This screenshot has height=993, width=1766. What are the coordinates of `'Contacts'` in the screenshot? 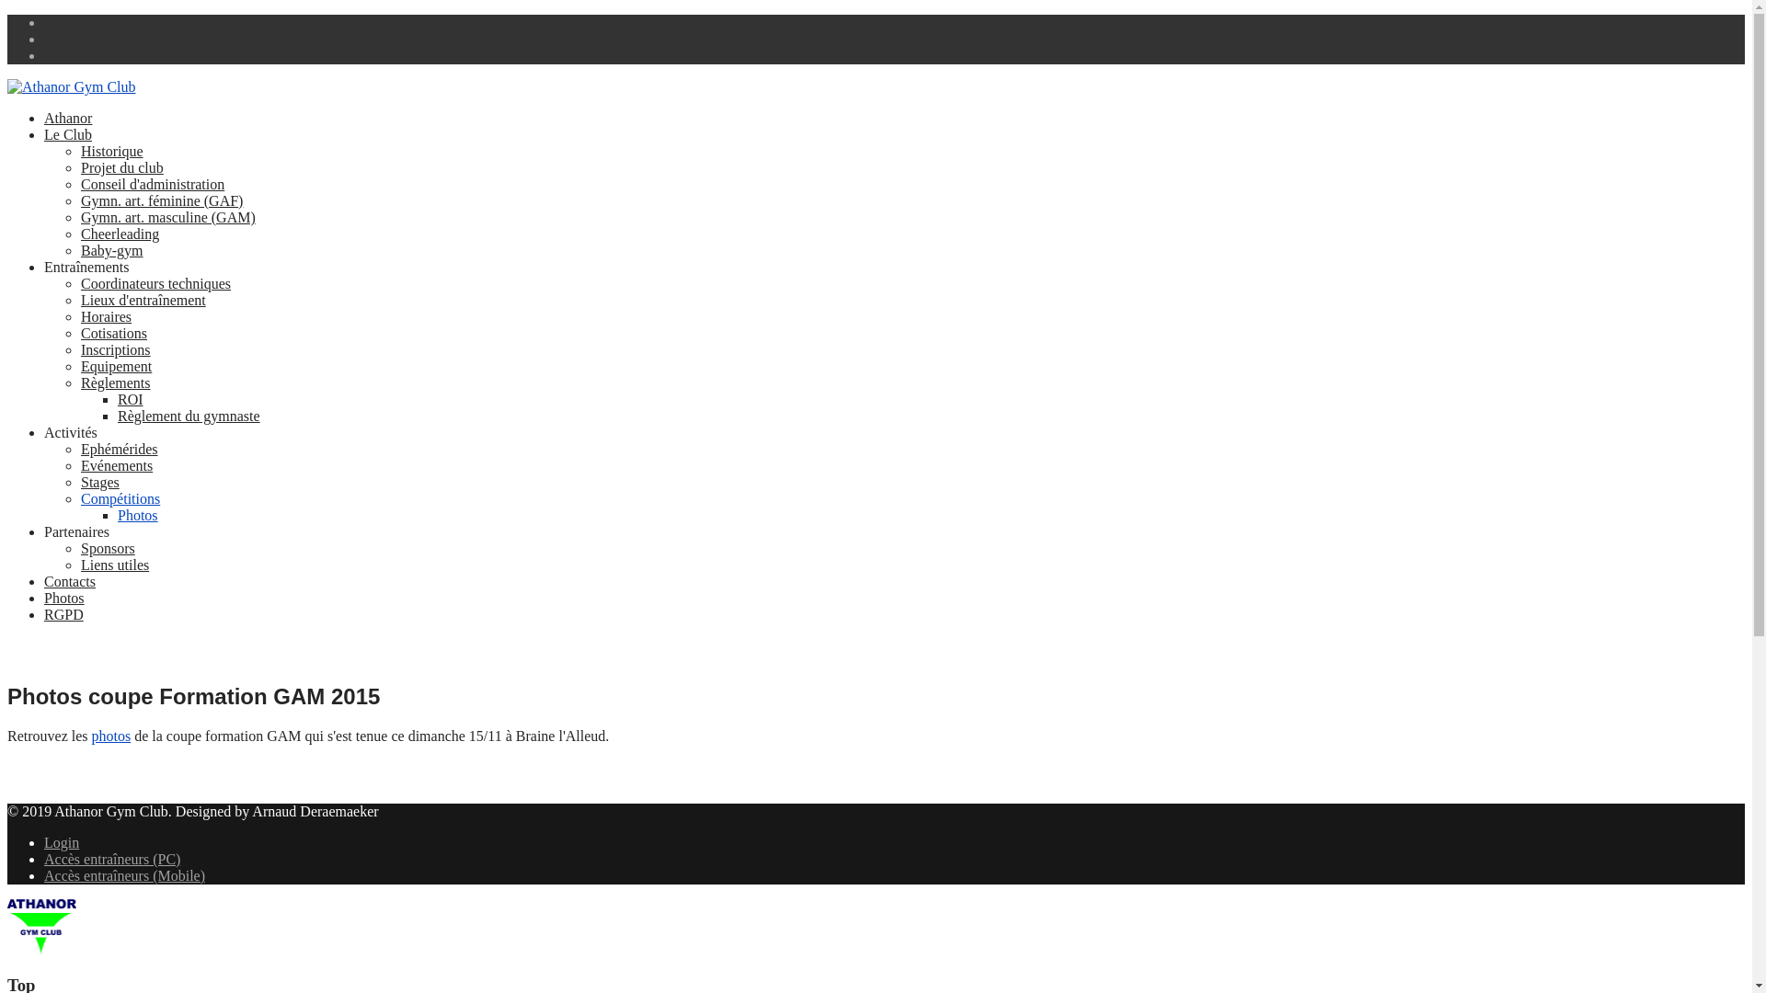 It's located at (70, 581).